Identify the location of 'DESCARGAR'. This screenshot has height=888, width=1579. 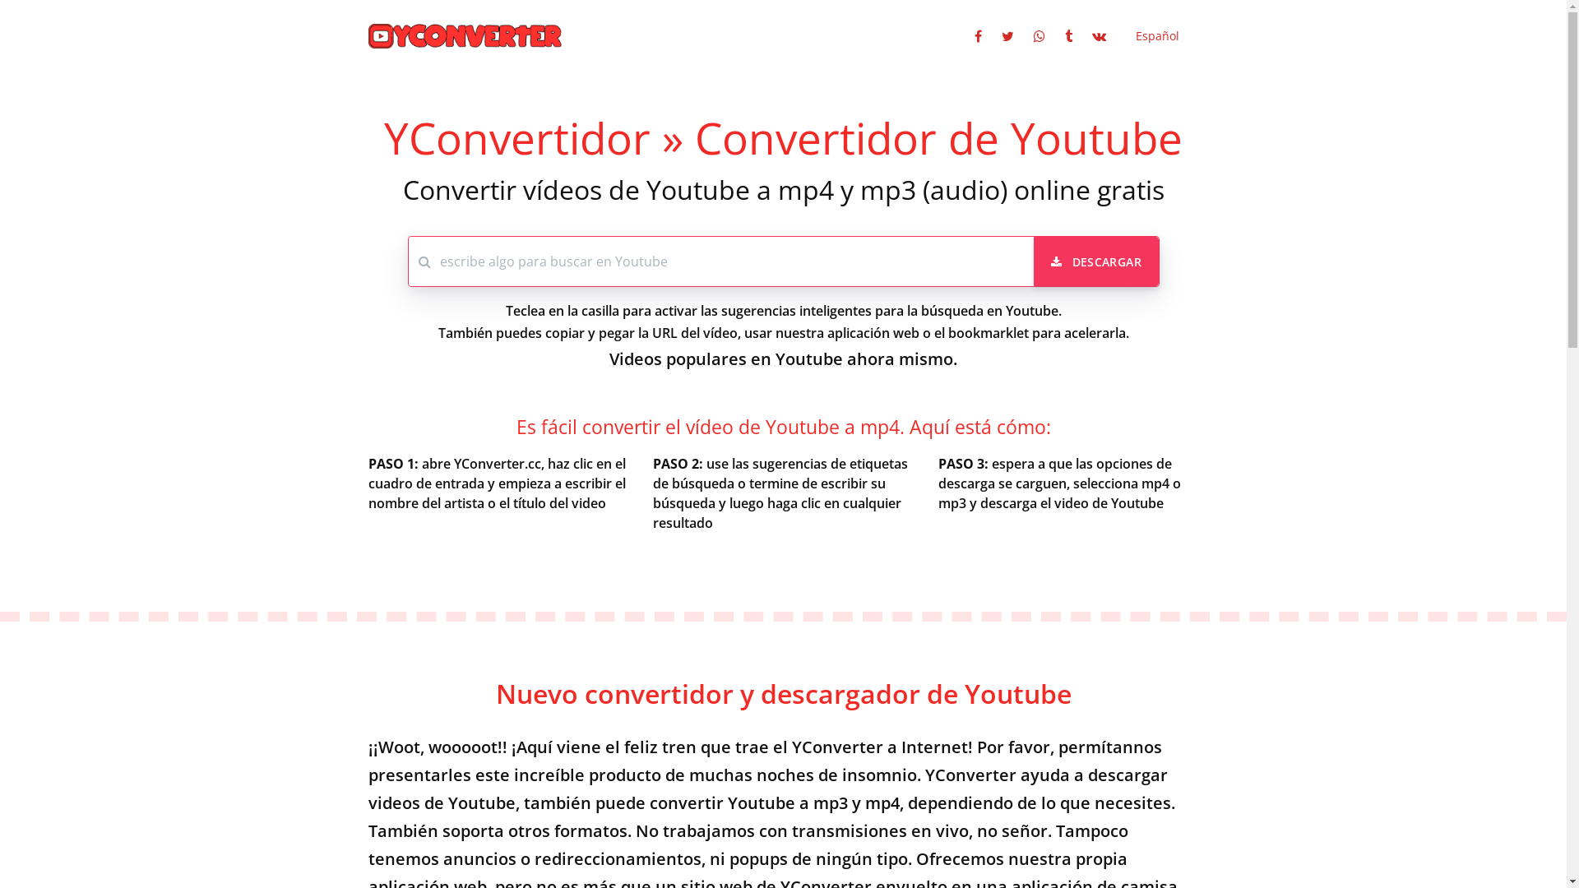
(1096, 260).